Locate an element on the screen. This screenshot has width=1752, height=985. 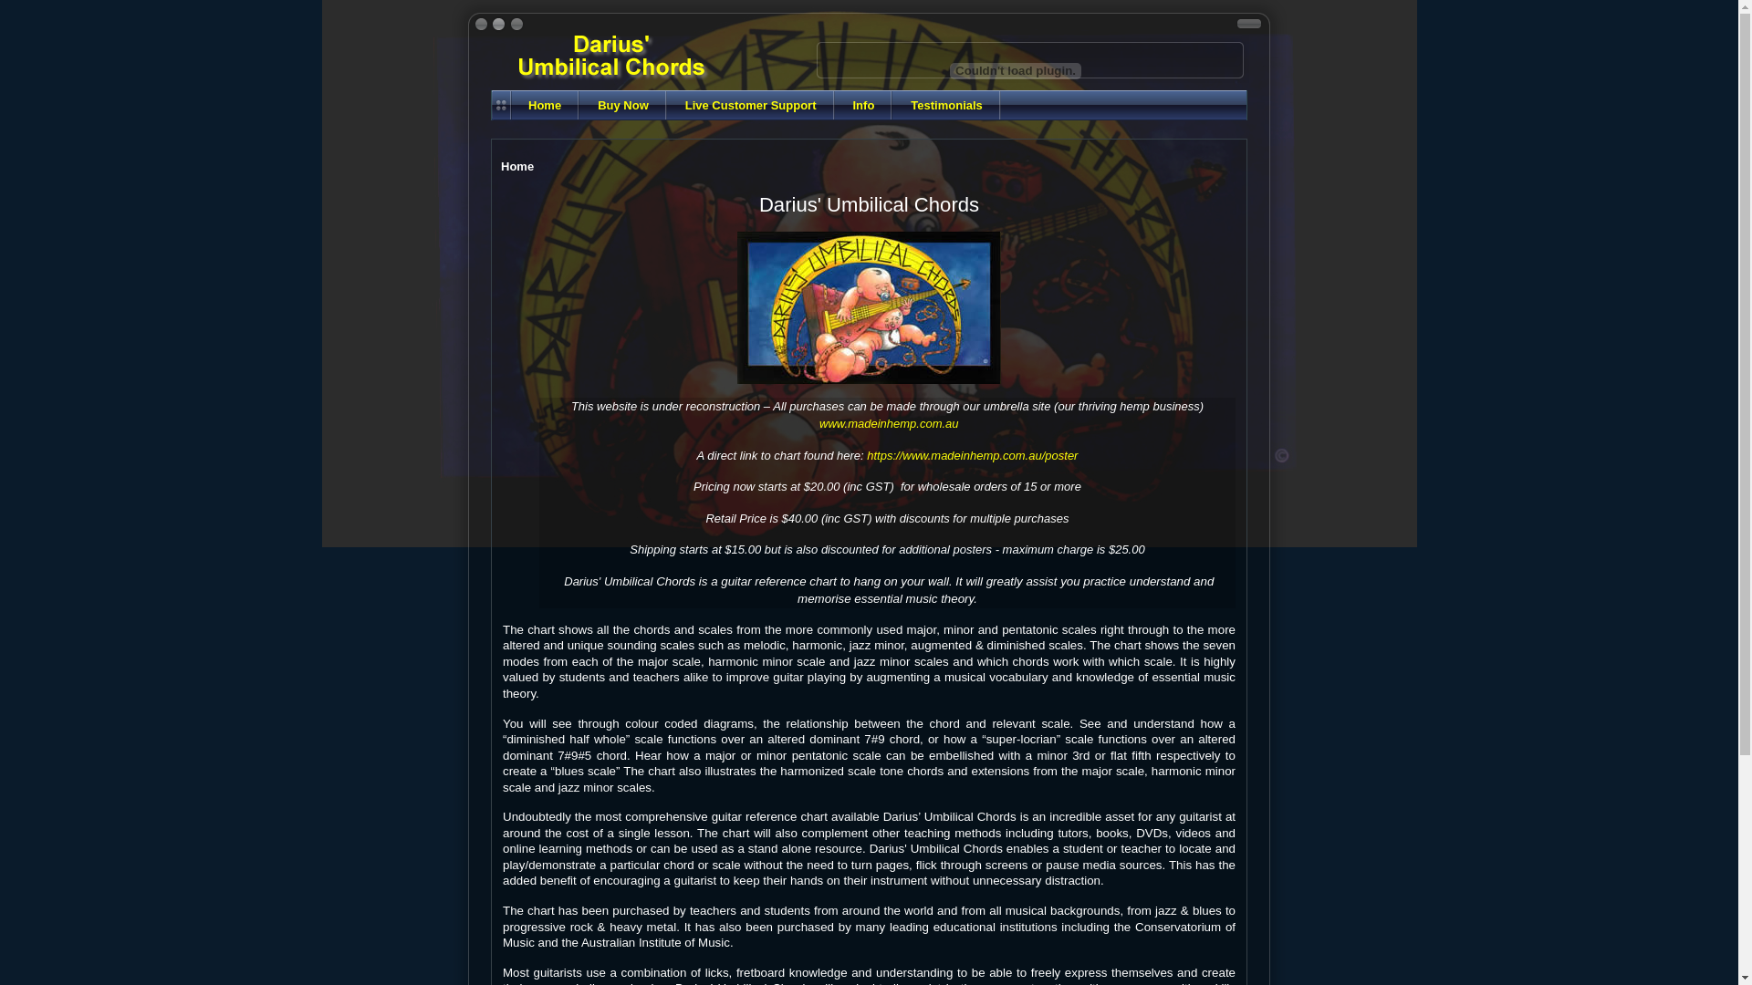
'Live Customer Support' is located at coordinates (750, 105).